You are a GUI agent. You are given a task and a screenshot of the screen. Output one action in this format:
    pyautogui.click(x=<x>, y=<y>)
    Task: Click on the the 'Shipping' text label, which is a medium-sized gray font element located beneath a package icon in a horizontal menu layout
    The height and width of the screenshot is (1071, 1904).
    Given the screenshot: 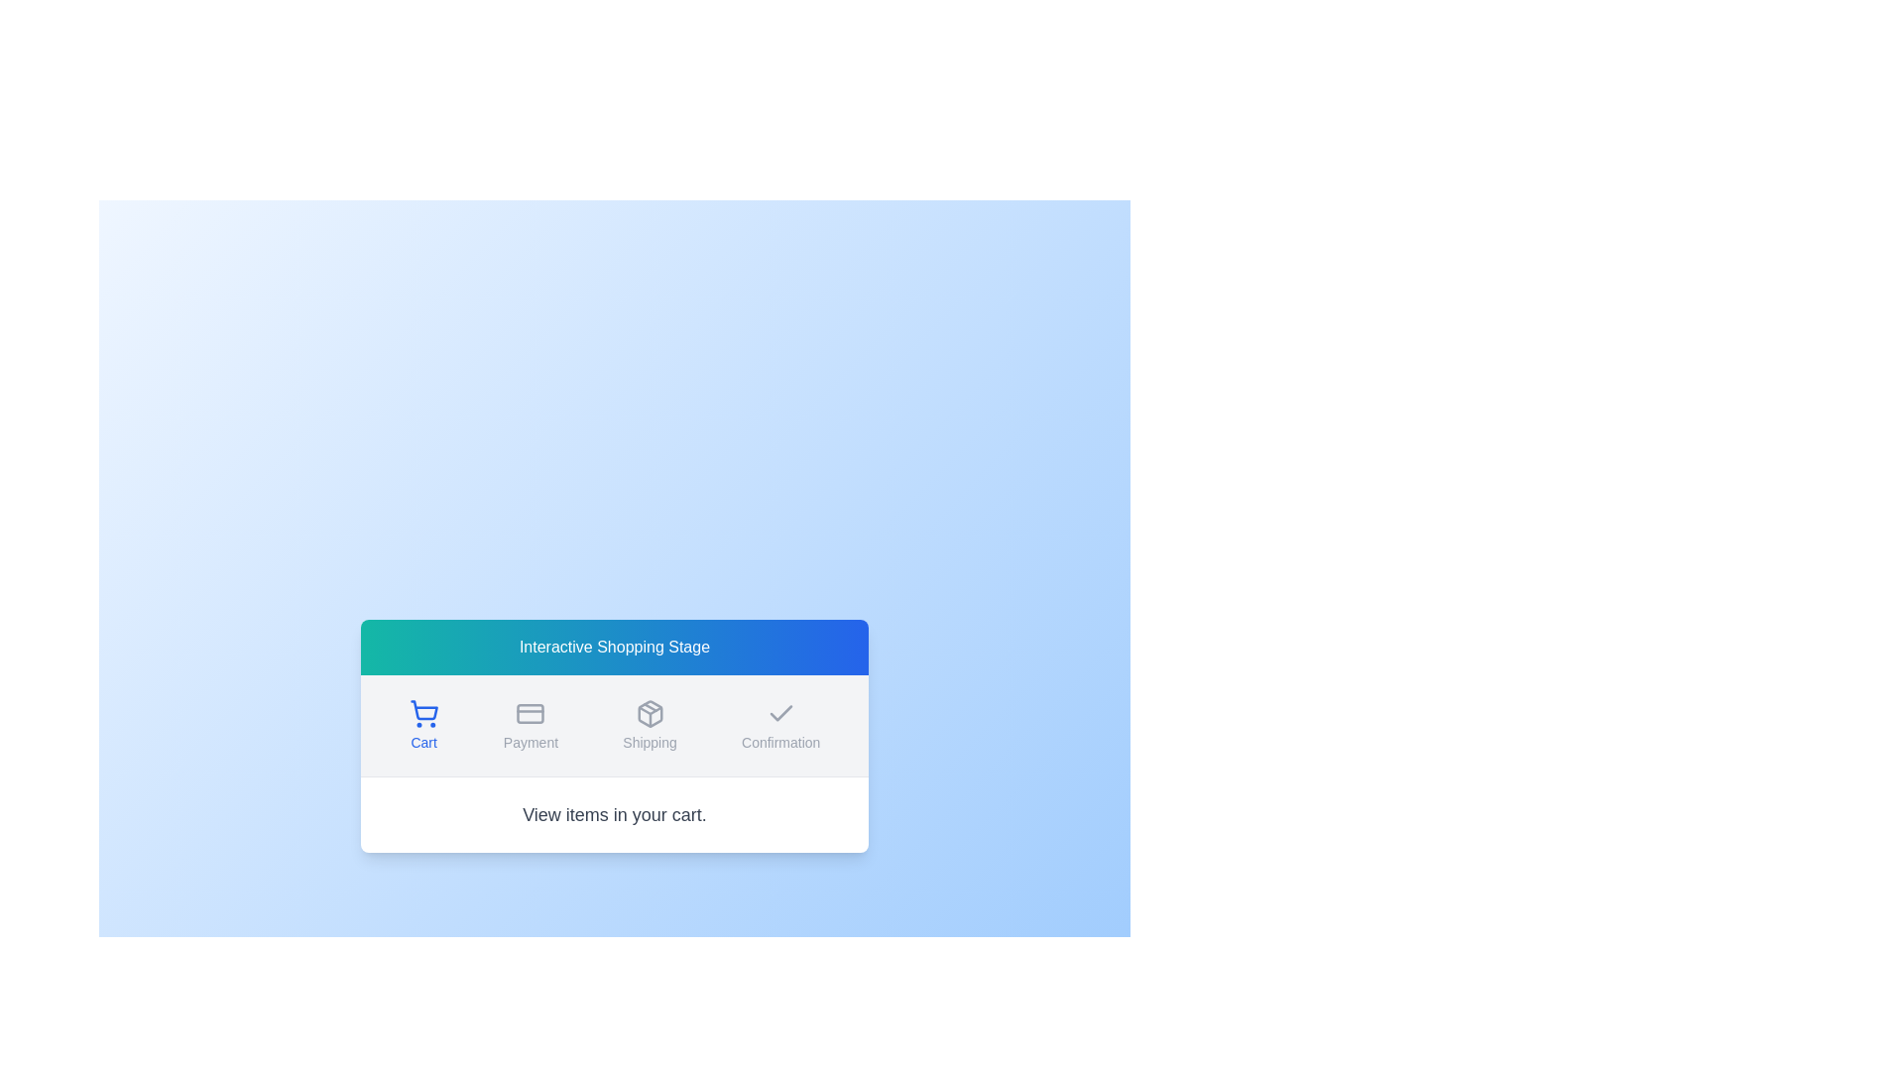 What is the action you would take?
    pyautogui.click(x=650, y=742)
    